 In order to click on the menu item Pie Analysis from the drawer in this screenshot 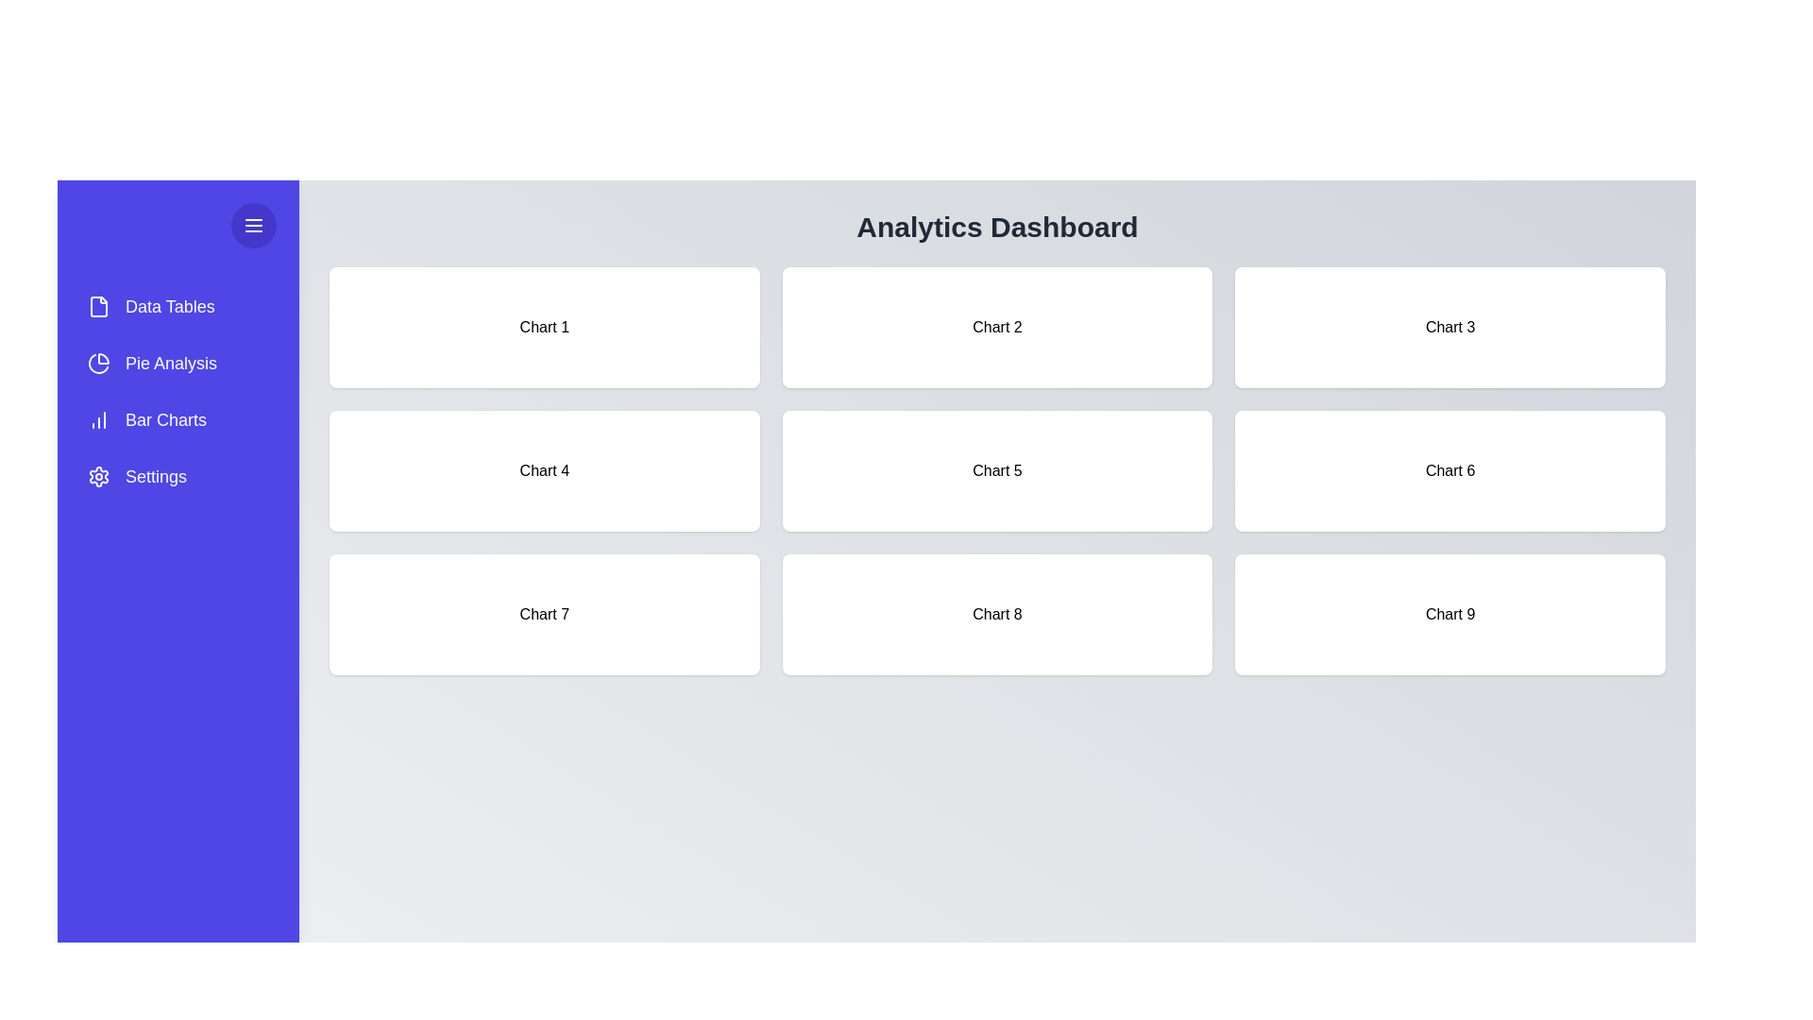, I will do `click(178, 364)`.